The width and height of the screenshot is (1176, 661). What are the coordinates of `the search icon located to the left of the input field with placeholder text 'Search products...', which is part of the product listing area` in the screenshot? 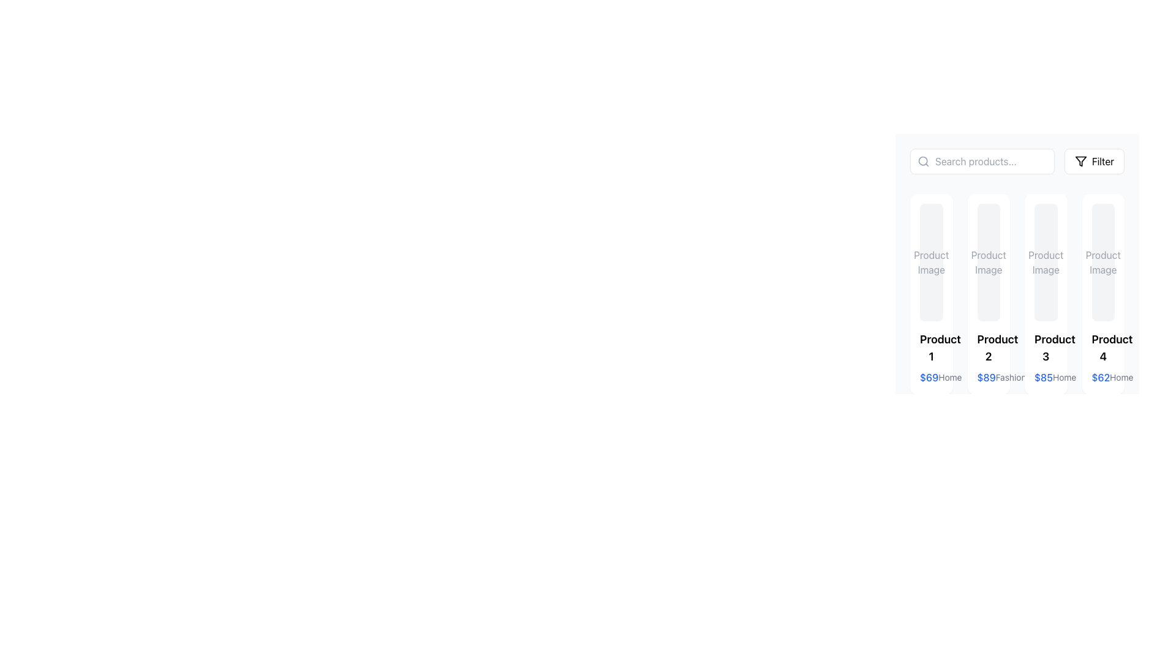 It's located at (923, 160).